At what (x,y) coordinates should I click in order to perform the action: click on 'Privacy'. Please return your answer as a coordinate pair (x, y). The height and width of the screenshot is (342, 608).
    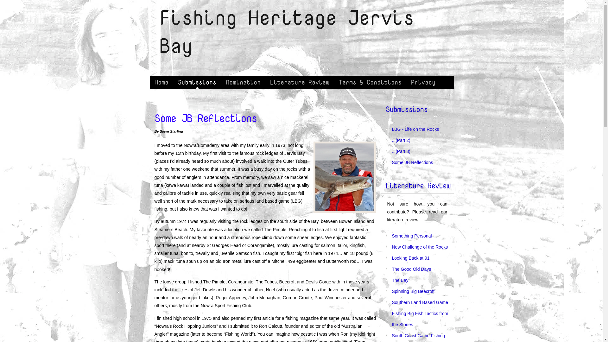
    Looking at the image, I should click on (423, 82).